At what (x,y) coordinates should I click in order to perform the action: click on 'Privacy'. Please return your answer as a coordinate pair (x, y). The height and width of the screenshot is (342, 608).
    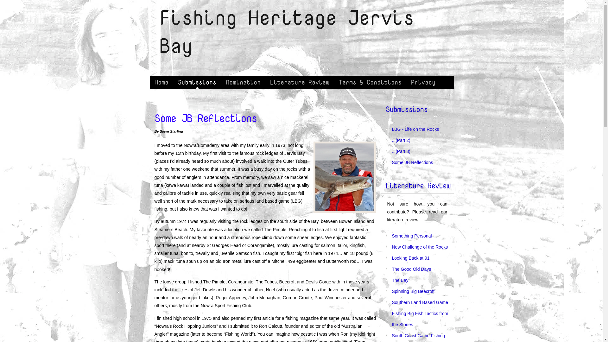
    Looking at the image, I should click on (423, 82).